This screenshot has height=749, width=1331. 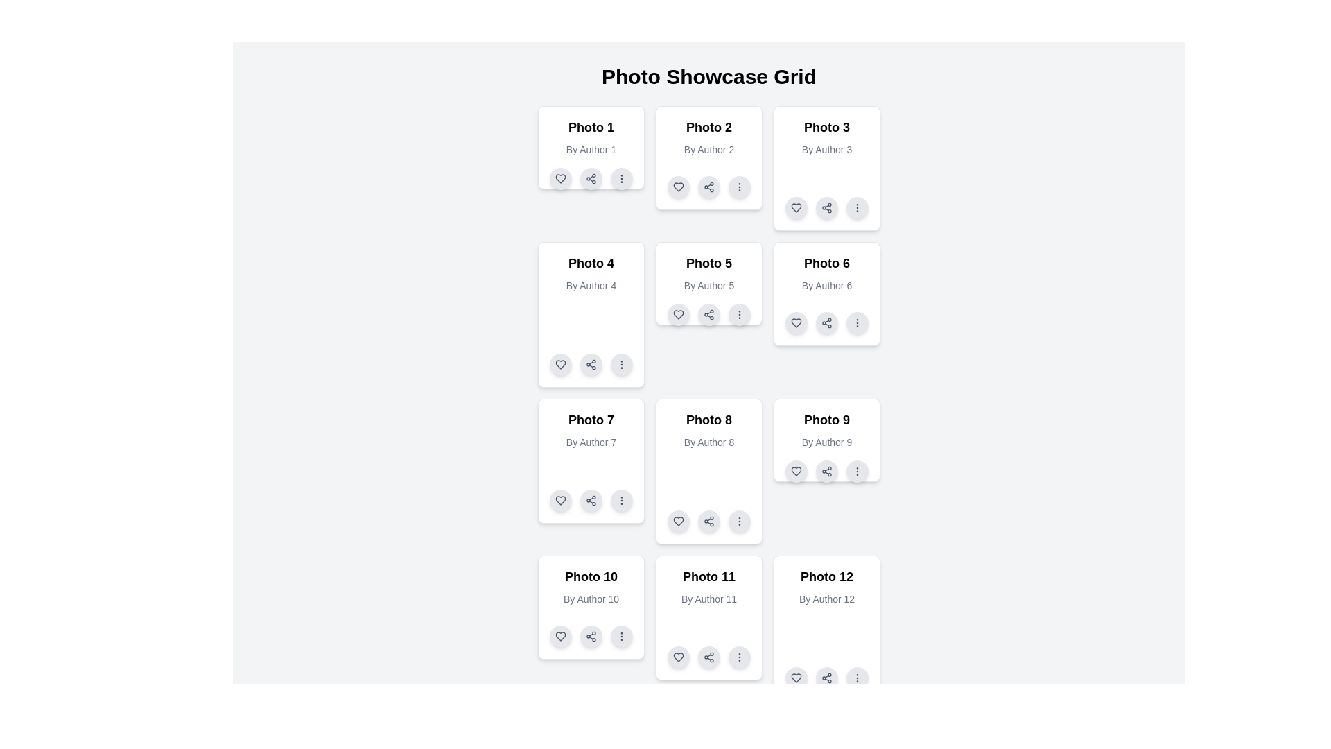 I want to click on the circular button icon located at the bottom-right corner of the card labeled 'Photo 10', so click(x=621, y=637).